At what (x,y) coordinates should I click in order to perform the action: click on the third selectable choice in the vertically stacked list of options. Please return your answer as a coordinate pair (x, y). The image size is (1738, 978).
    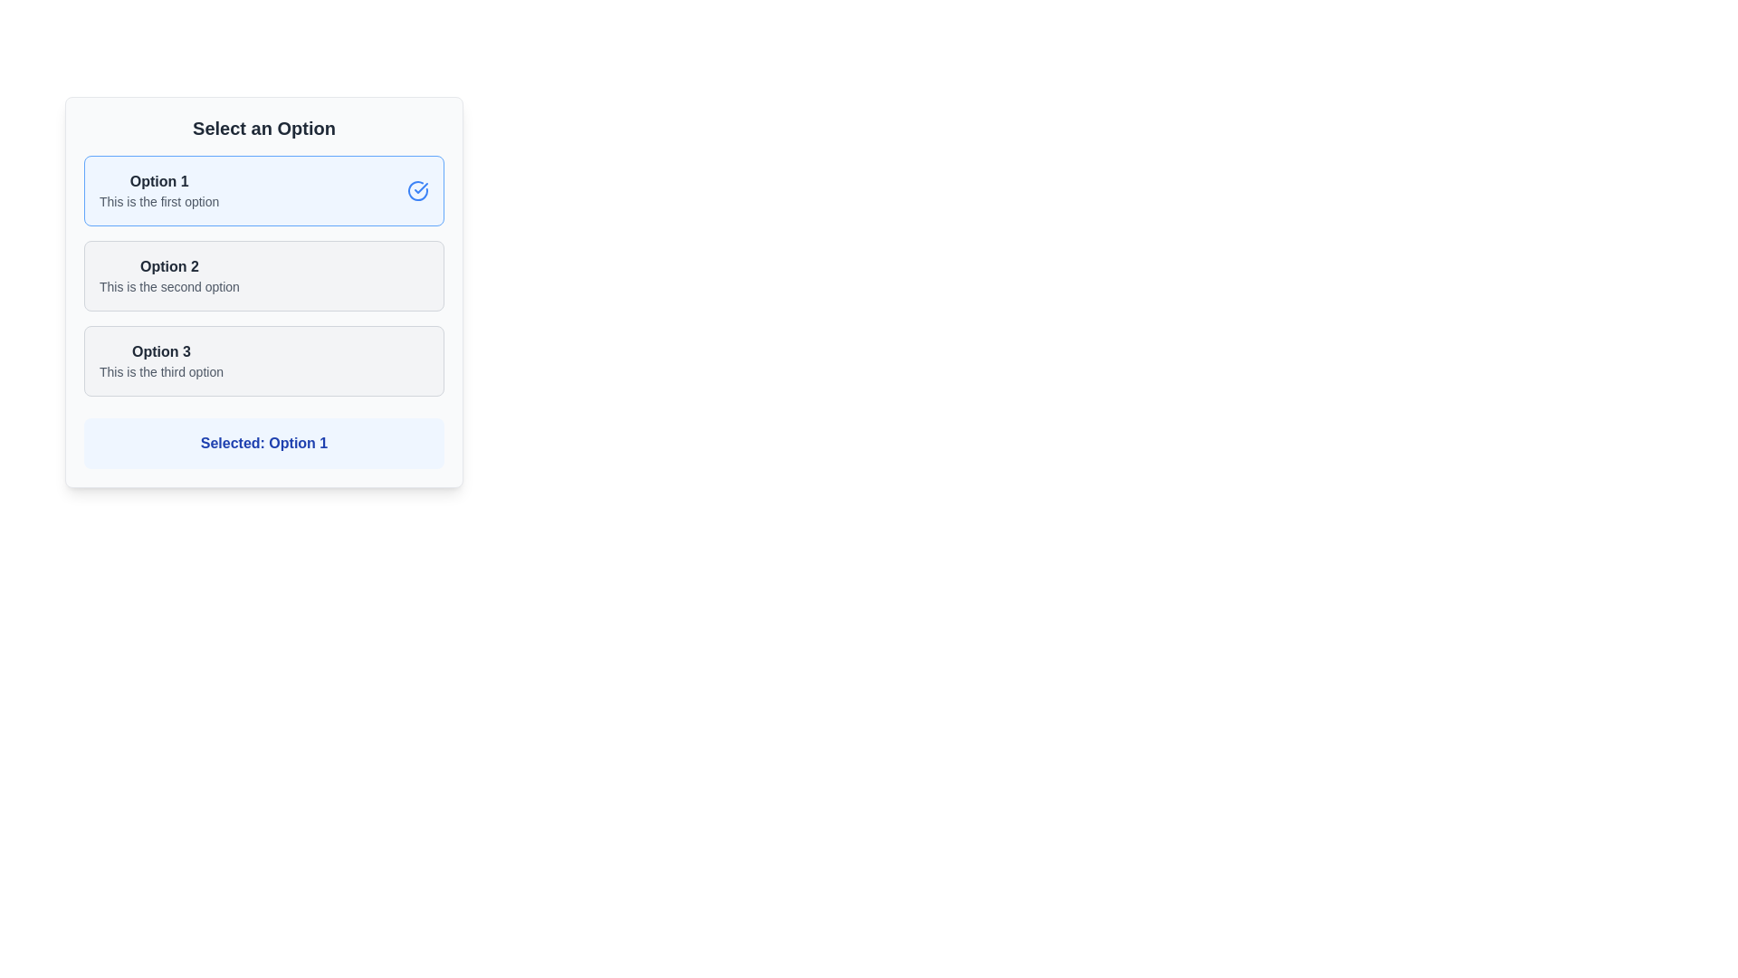
    Looking at the image, I should click on (161, 360).